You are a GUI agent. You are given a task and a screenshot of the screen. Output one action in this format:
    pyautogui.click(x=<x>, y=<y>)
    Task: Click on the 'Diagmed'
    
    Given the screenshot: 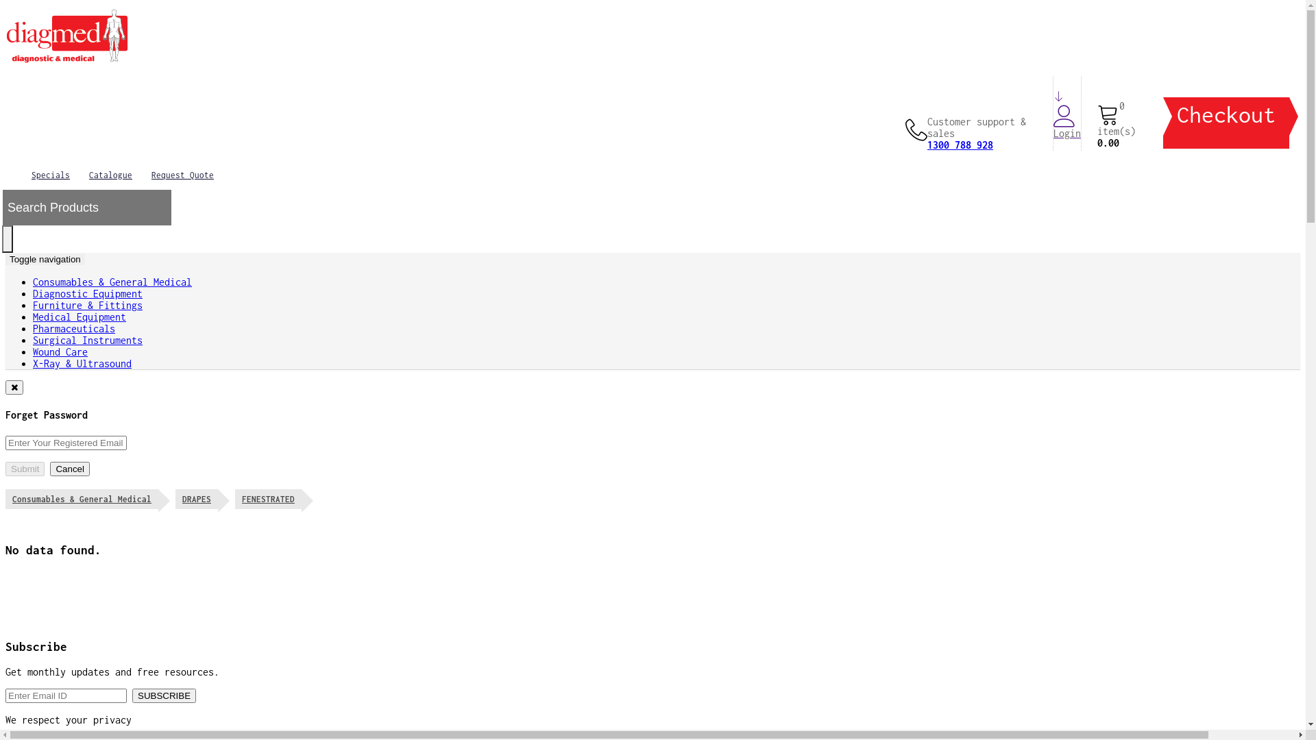 What is the action you would take?
    pyautogui.click(x=66, y=36)
    